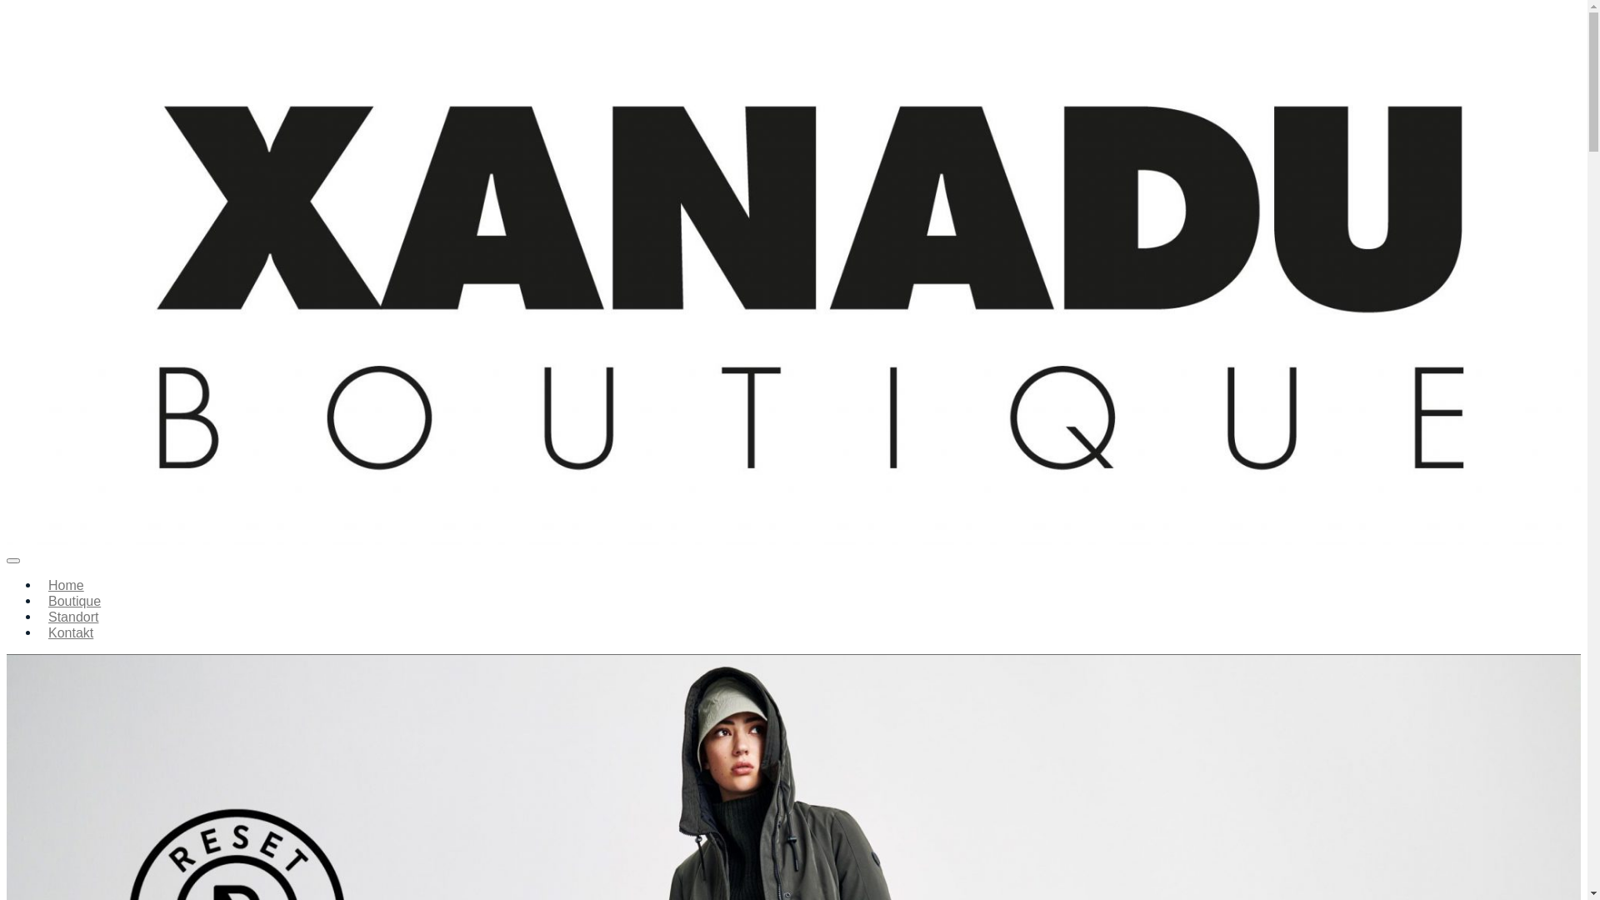 The width and height of the screenshot is (1600, 900). What do you see at coordinates (72, 617) in the screenshot?
I see `'Standort'` at bounding box center [72, 617].